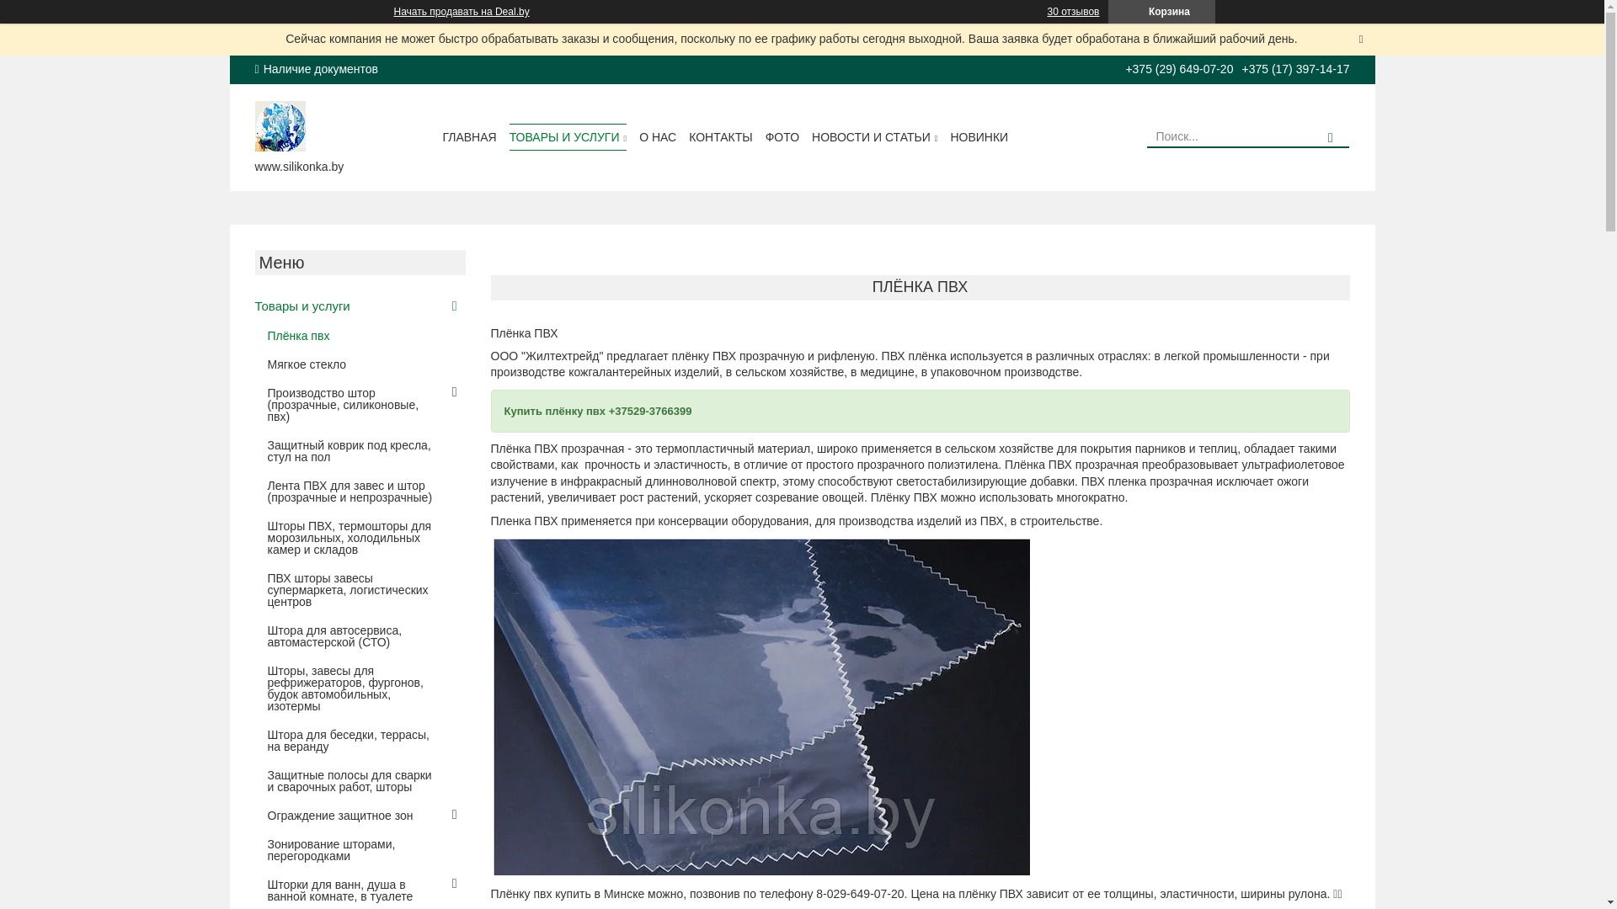 The image size is (1617, 909). What do you see at coordinates (279, 123) in the screenshot?
I see `'silikonka.by'` at bounding box center [279, 123].